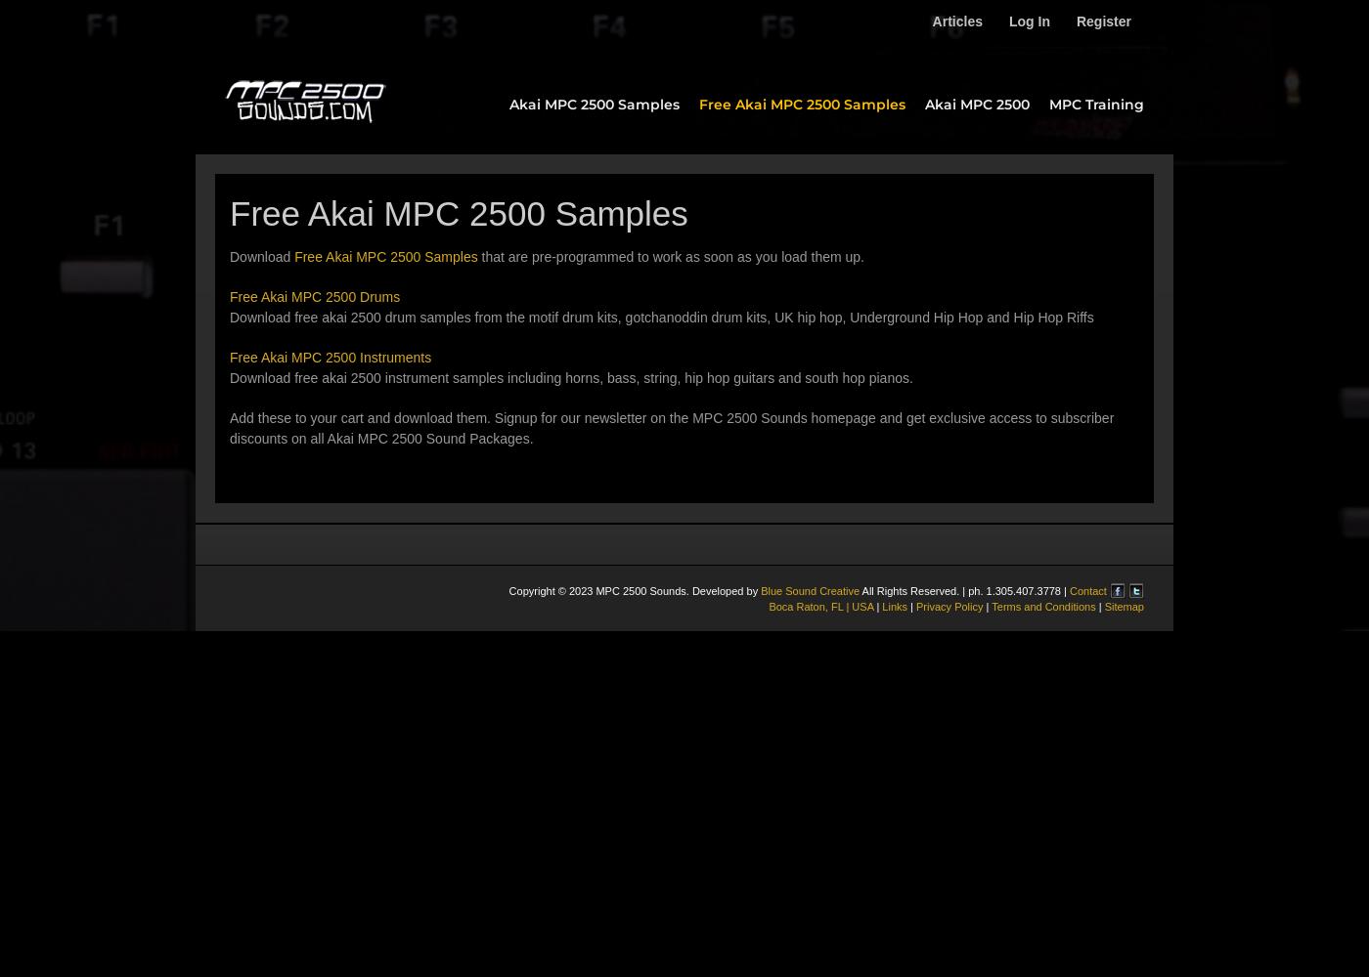  What do you see at coordinates (1126, 203) in the screenshot?
I see `'MPC Training Gold Package'` at bounding box center [1126, 203].